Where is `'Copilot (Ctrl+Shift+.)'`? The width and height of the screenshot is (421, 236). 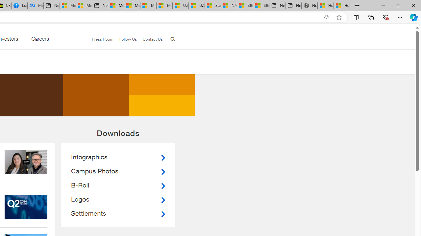
'Copilot (Ctrl+Shift+.)' is located at coordinates (413, 17).